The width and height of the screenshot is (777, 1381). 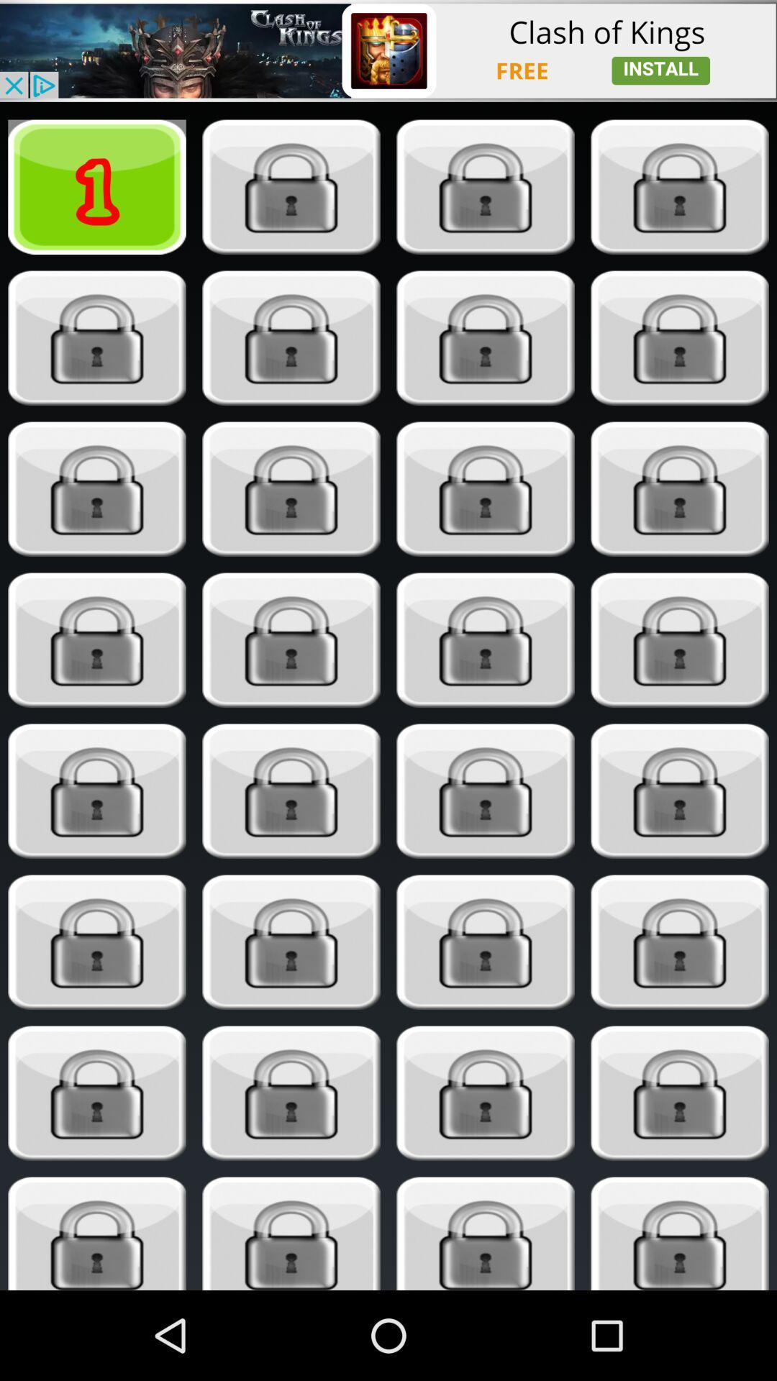 I want to click on unlock, so click(x=291, y=489).